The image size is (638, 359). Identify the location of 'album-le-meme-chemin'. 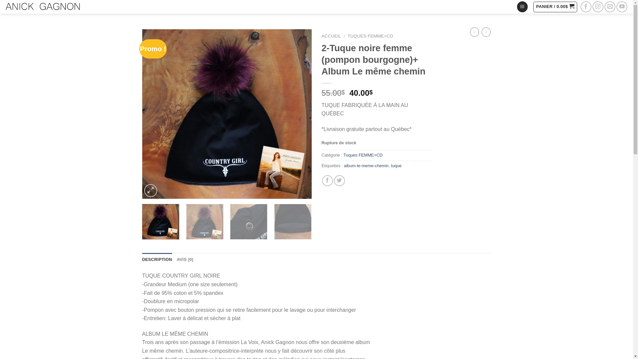
(366, 165).